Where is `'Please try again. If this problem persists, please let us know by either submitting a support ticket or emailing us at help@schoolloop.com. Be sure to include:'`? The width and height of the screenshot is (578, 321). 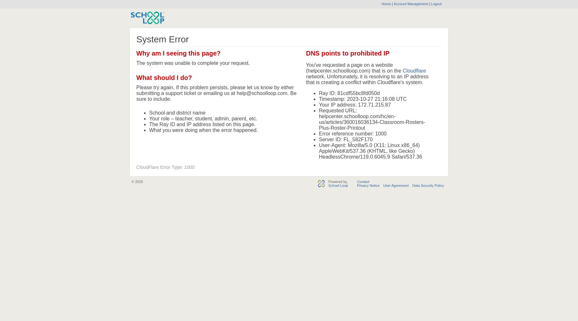 'Please try again. If this problem persists, please let us know by either submitting a support ticket or emailing us at help@schoolloop.com. Be sure to include:' is located at coordinates (216, 93).